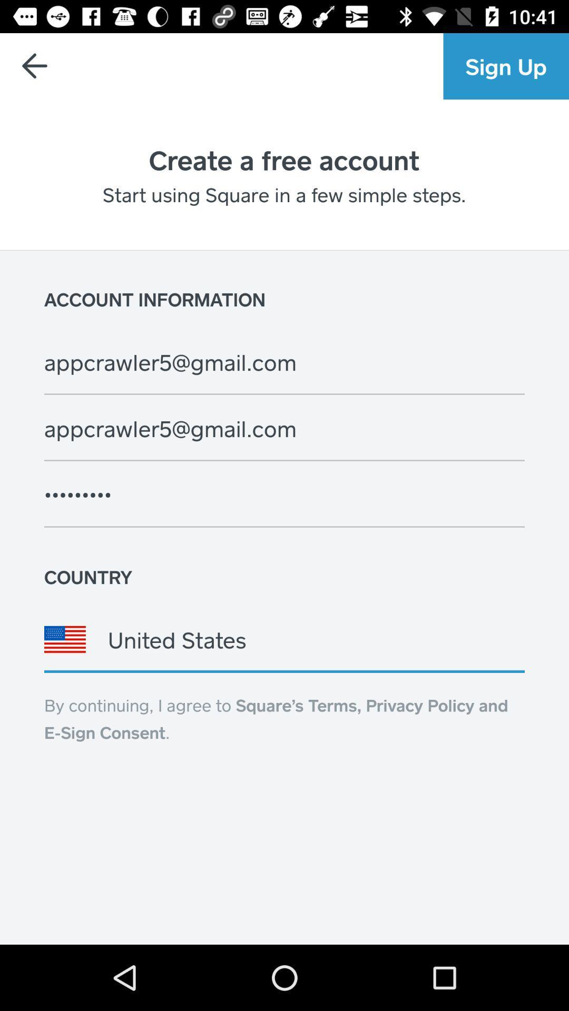 The image size is (569, 1011). Describe the element at coordinates (283, 159) in the screenshot. I see `icon above the start using square icon` at that location.